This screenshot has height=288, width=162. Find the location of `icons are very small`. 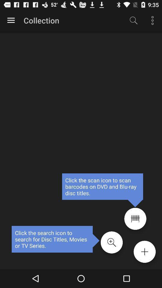

icons are very small is located at coordinates (135, 218).